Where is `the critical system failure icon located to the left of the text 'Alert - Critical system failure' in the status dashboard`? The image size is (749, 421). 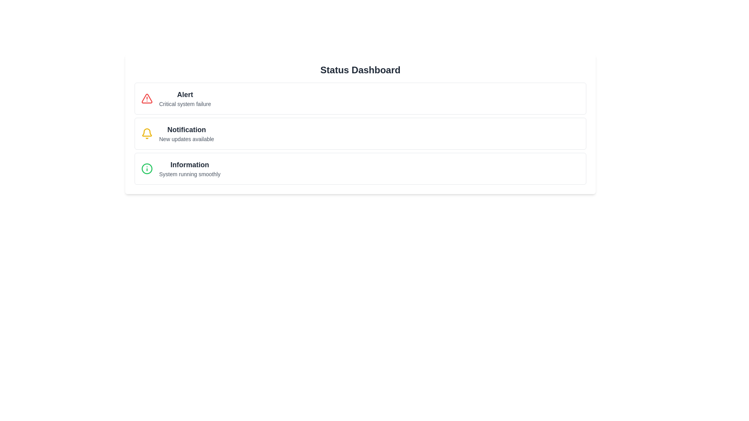 the critical system failure icon located to the left of the text 'Alert - Critical system failure' in the status dashboard is located at coordinates (147, 98).